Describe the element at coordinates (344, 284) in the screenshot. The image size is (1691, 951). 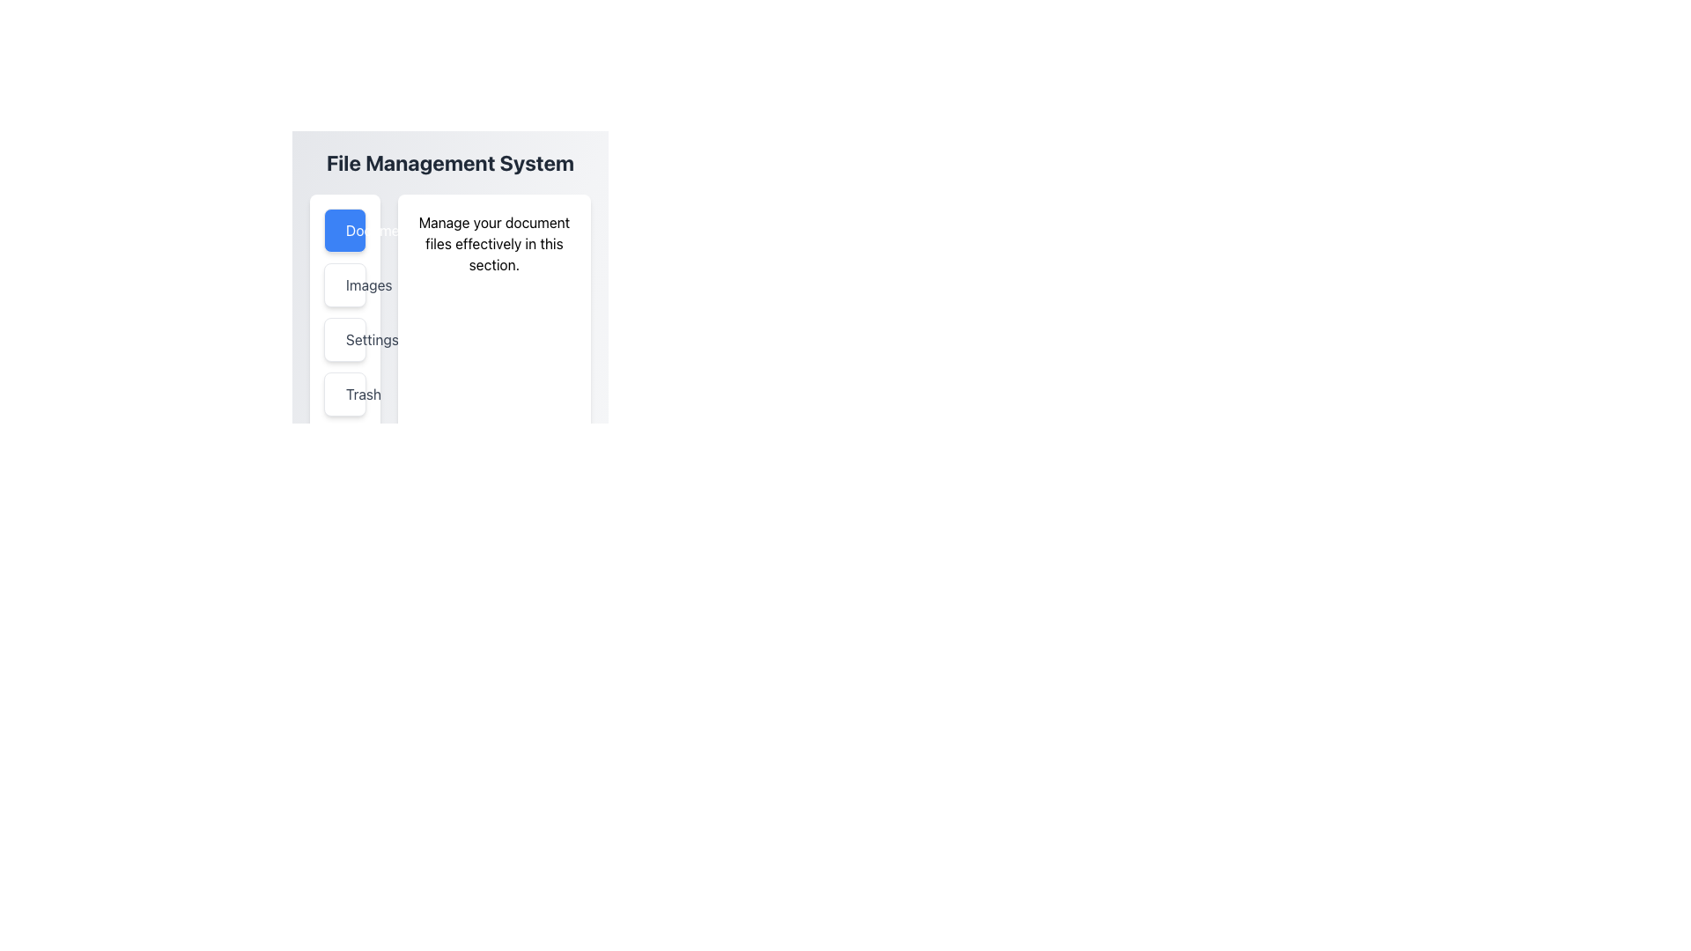
I see `the 'Images' button, which is a rectangular button with rounded corners and gray text` at that location.